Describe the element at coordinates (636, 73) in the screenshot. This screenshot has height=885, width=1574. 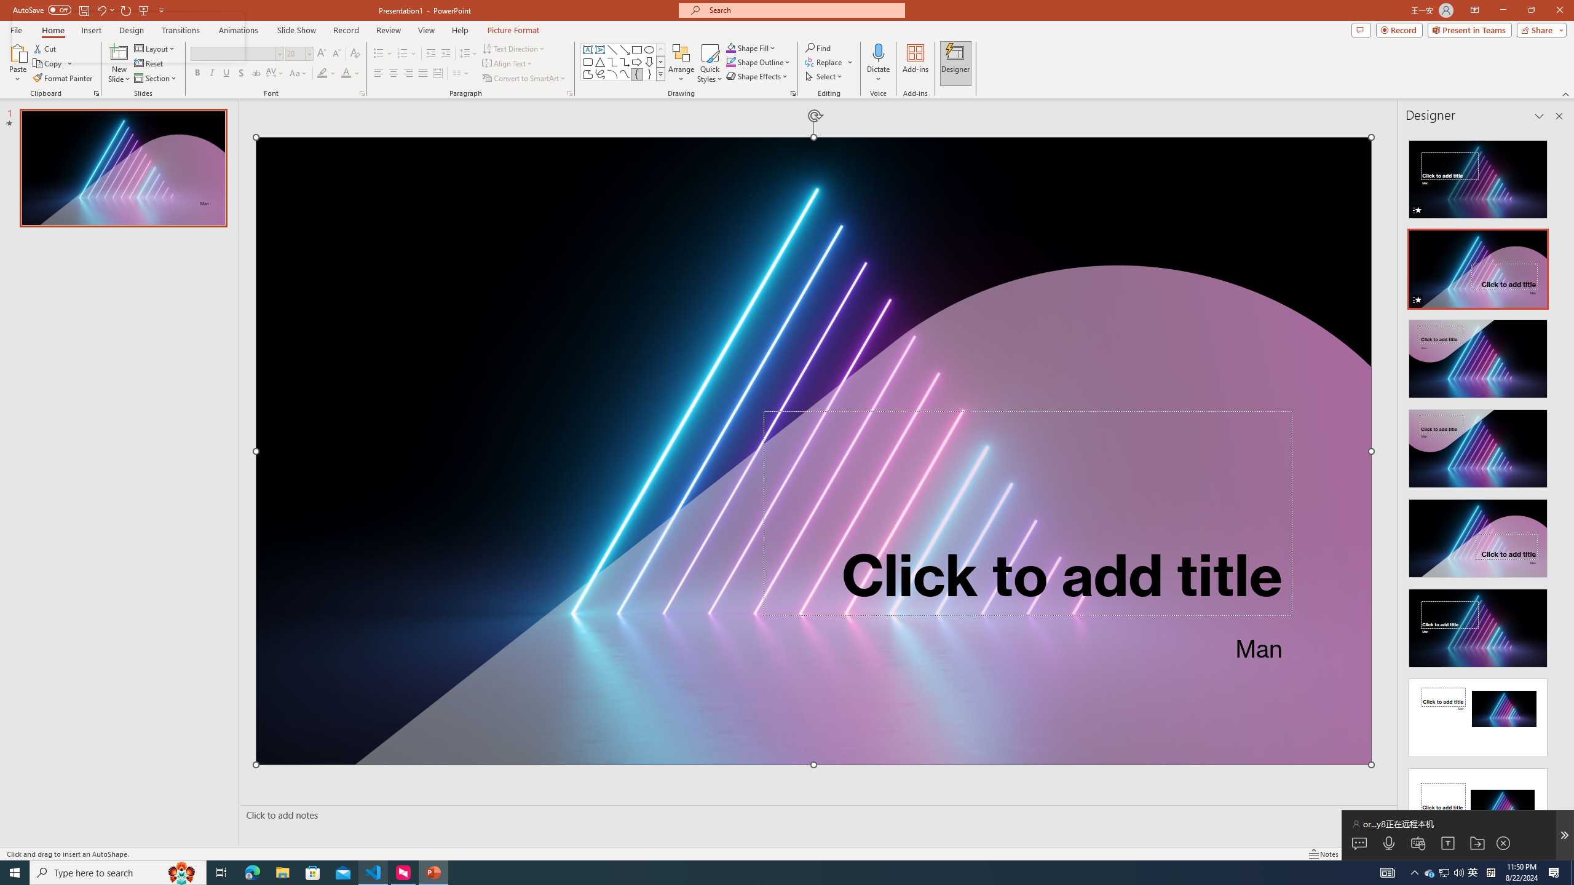
I see `'Left Brace'` at that location.